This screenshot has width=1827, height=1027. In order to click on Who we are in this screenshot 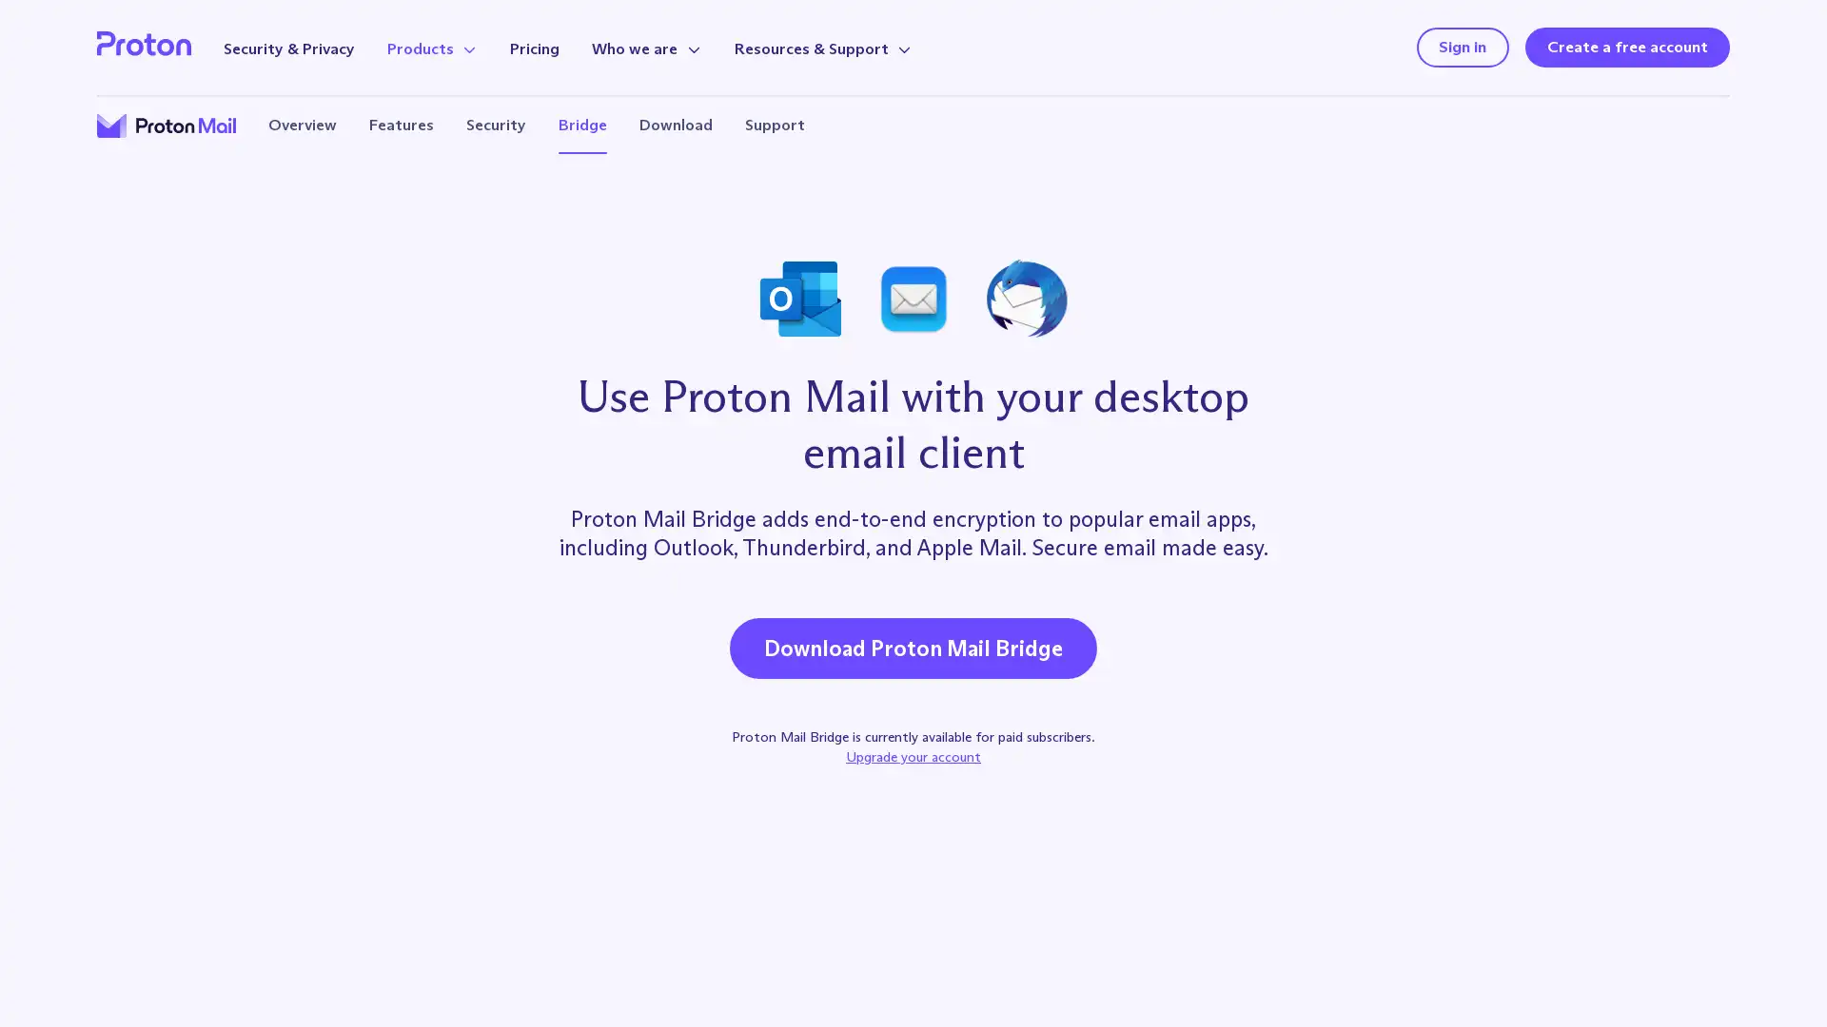, I will do `click(646, 48)`.